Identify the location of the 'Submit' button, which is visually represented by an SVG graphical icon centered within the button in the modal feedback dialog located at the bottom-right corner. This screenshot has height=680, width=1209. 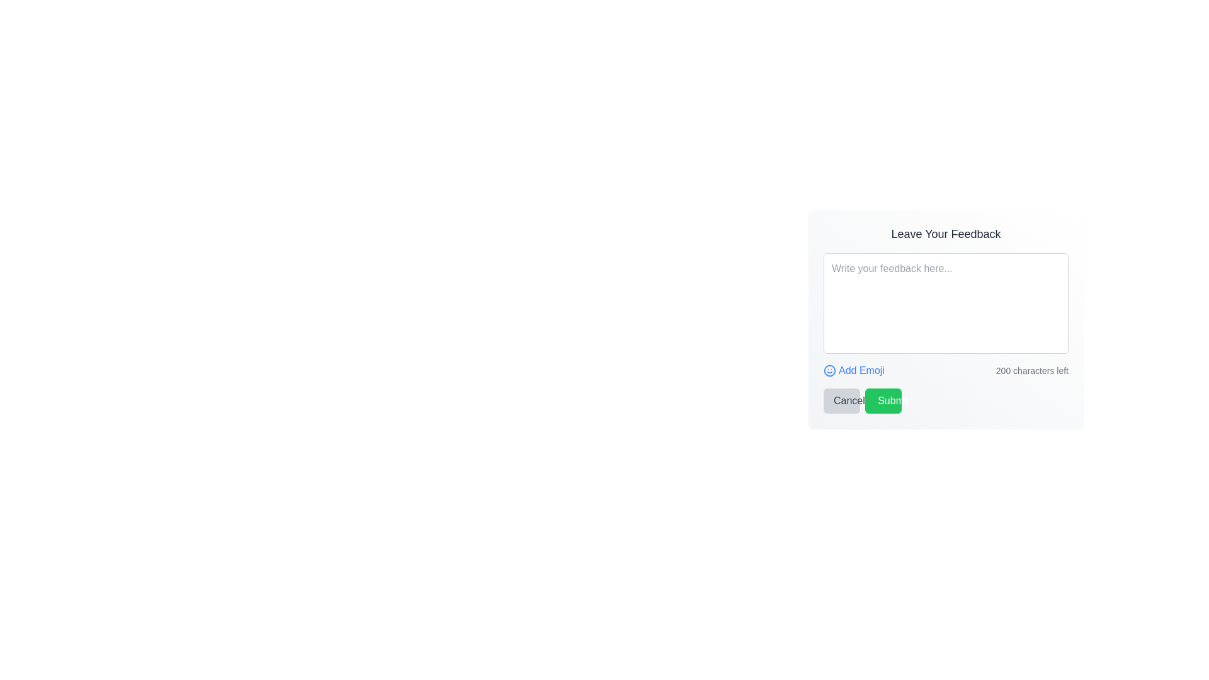
(882, 403).